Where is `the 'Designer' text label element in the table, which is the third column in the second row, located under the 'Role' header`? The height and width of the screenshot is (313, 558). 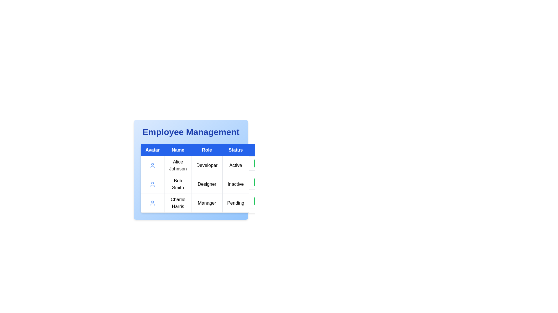
the 'Designer' text label element in the table, which is the third column in the second row, located under the 'Role' header is located at coordinates (207, 184).